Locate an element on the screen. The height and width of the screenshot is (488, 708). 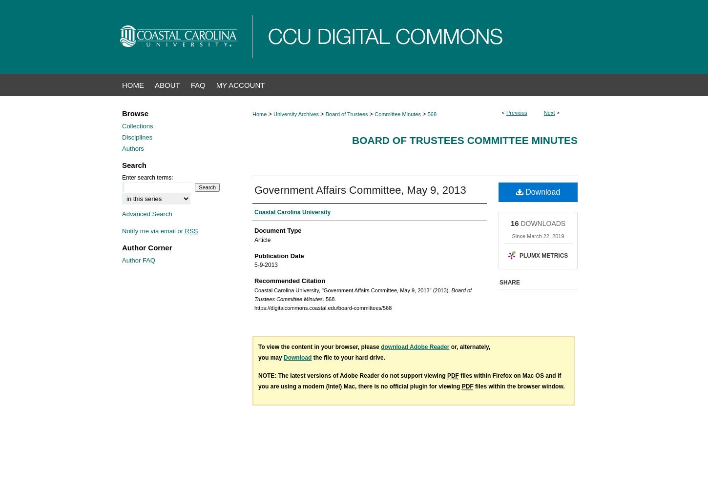
'Committee Minutes' is located at coordinates (397, 114).